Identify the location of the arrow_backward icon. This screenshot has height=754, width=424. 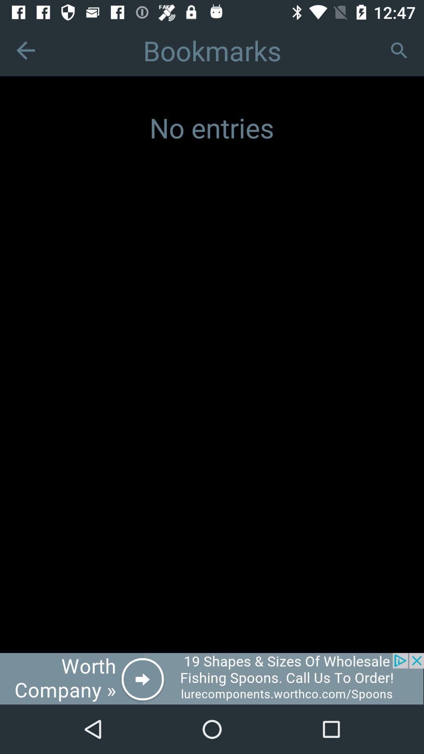
(25, 50).